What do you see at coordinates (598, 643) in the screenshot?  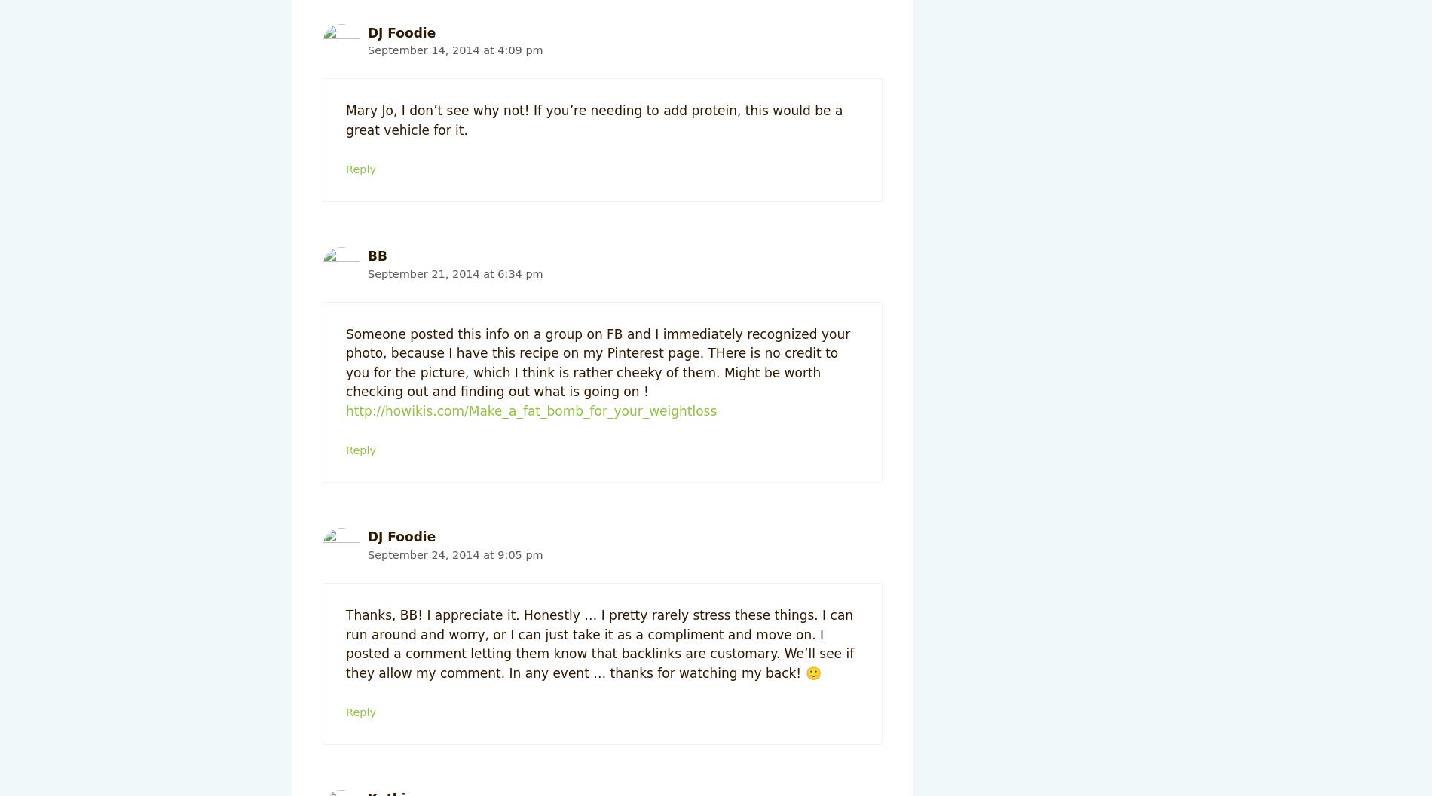 I see `'Thanks, BB! I appreciate it.  Honestly … I pretty rarely stress these things.  I can run around and worry, or I can just take it as a compliment and move on.  I posted a comment letting them know that backlinks are customary.  We’ll see if they allow my comment.  In any event … thanks for watching my back! 🙂'` at bounding box center [598, 643].